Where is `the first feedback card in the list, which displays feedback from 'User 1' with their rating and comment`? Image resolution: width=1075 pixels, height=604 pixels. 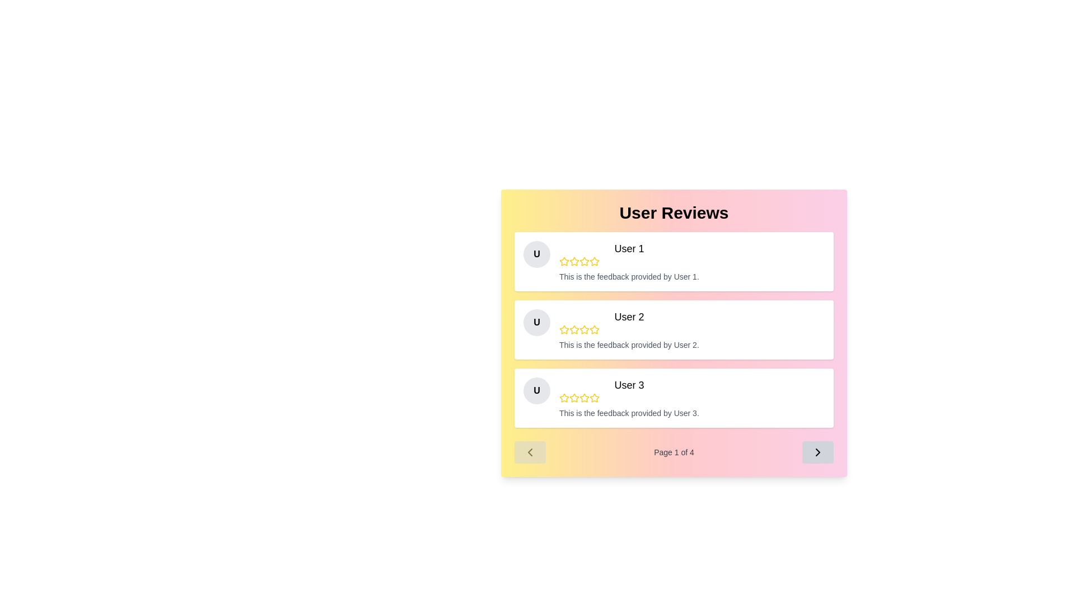 the first feedback card in the list, which displays feedback from 'User 1' with their rating and comment is located at coordinates (674, 261).